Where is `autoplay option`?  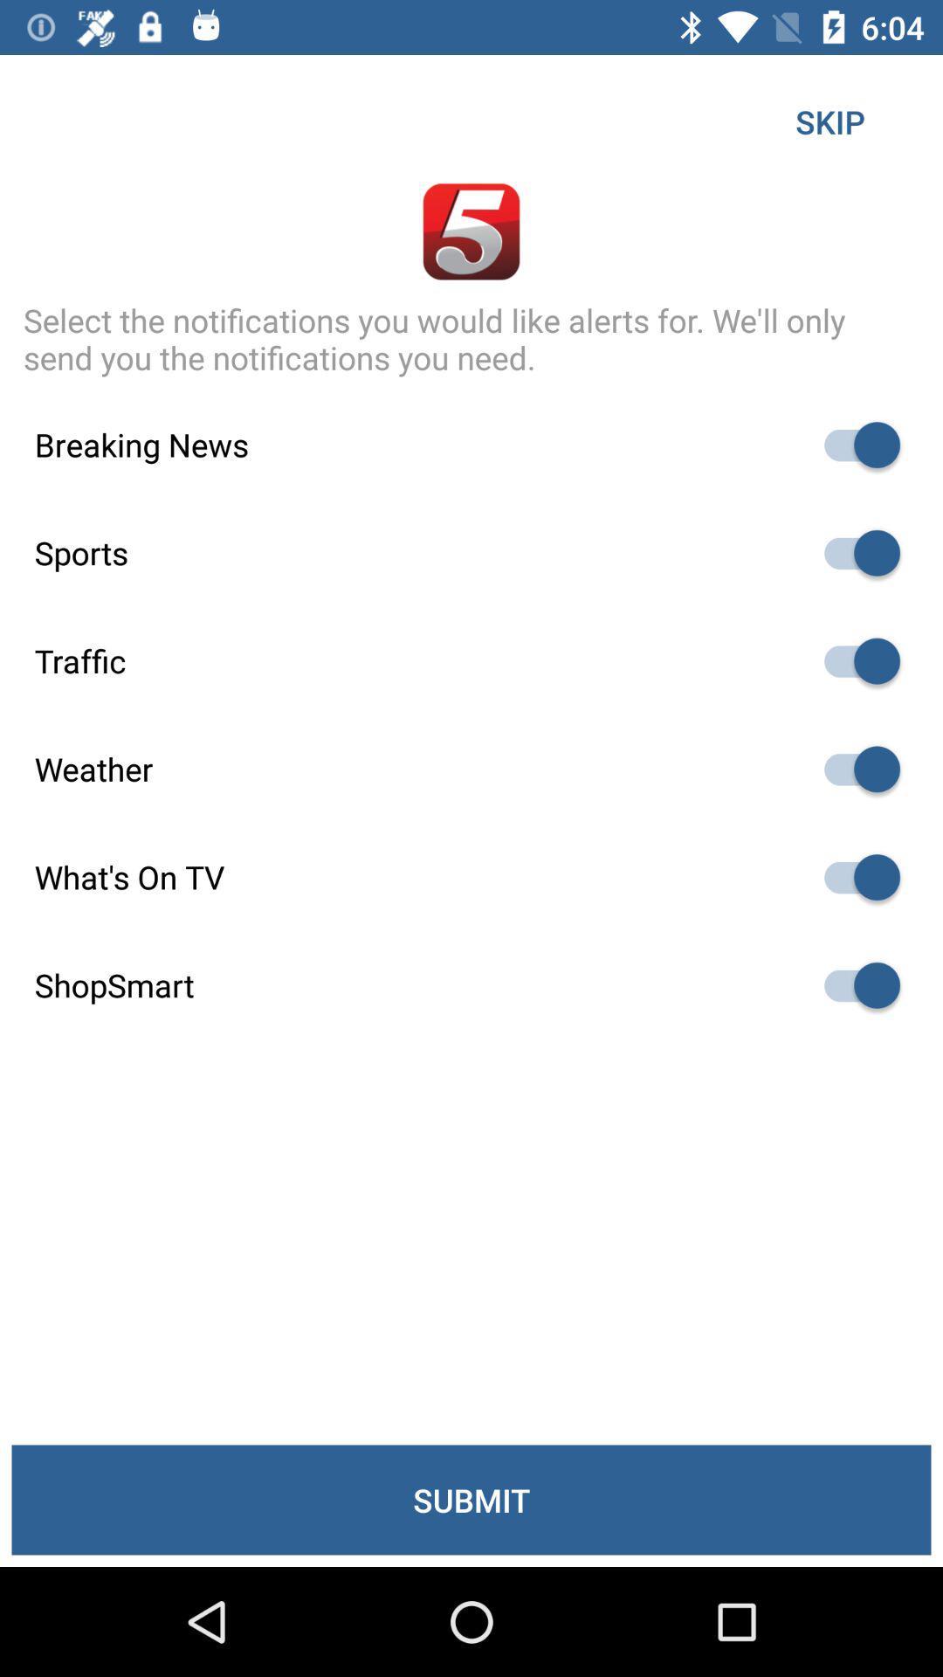
autoplay option is located at coordinates (853, 769).